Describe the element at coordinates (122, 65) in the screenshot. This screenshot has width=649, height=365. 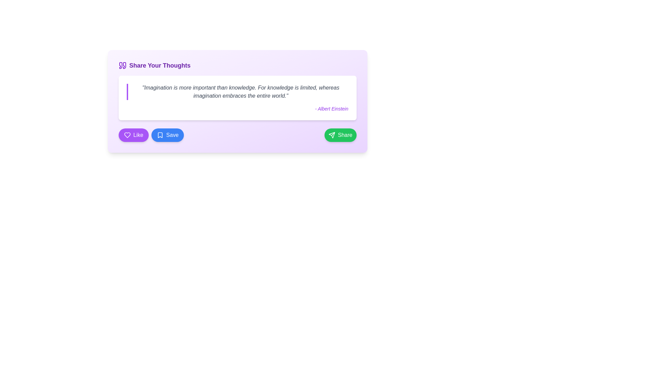
I see `the icon representing a pair of quotation marks with a purple outline, located at the top-left corner of a card-like section` at that location.